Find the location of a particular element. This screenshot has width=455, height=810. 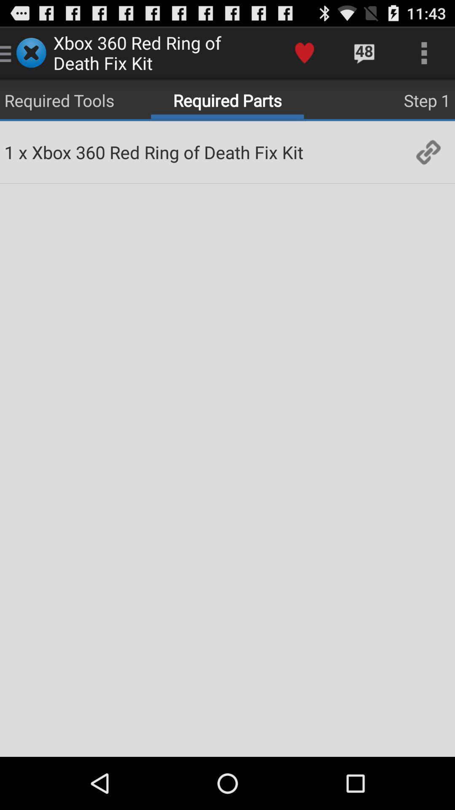

item to the left of the xbox 360 red item is located at coordinates (22, 152).